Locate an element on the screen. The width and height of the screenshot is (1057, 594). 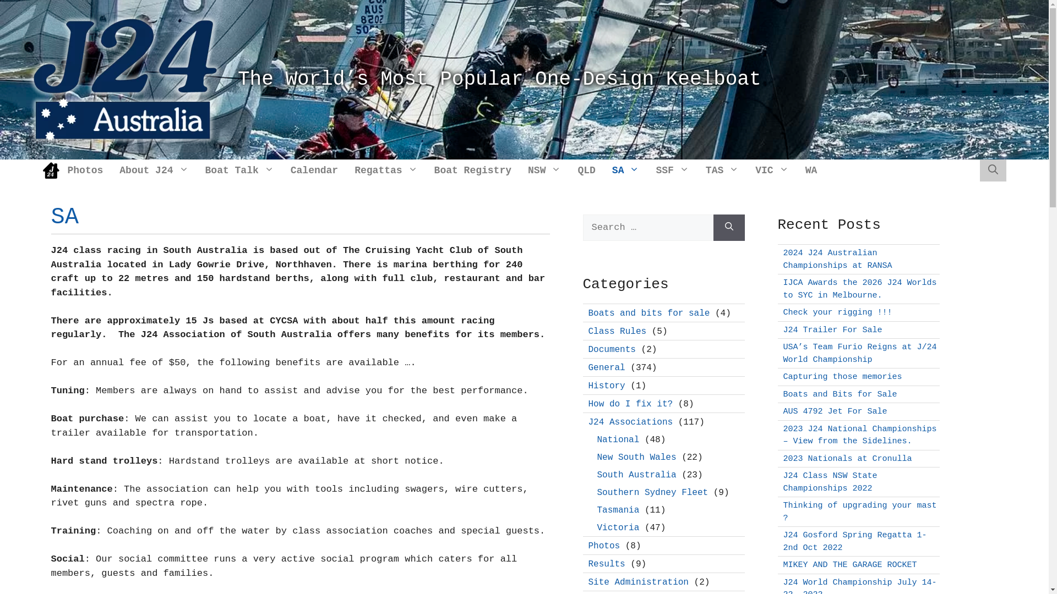
'WA' is located at coordinates (811, 170).